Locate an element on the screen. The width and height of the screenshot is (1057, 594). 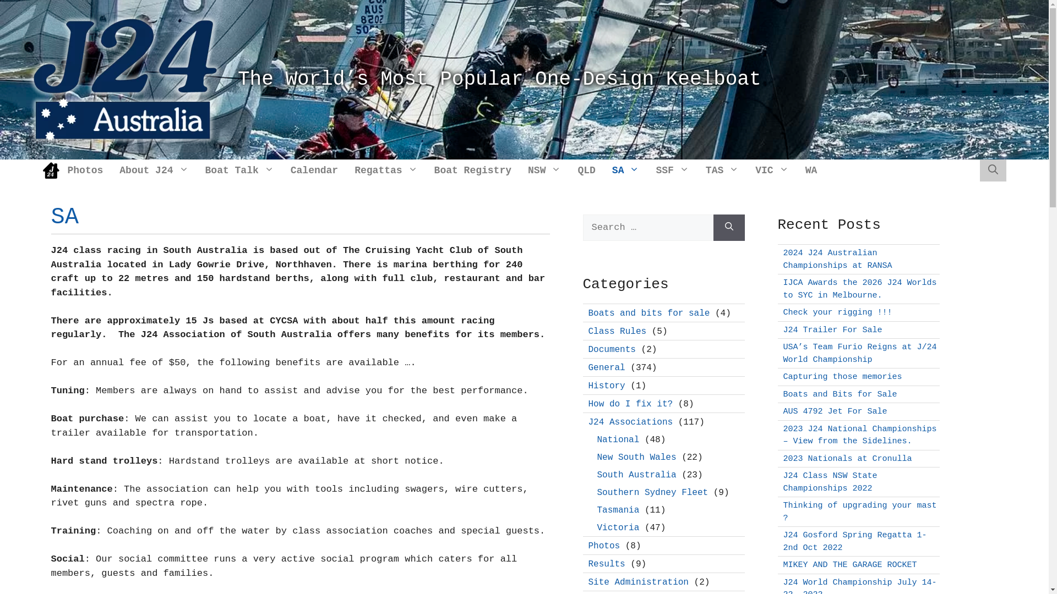
'WA' is located at coordinates (811, 170).